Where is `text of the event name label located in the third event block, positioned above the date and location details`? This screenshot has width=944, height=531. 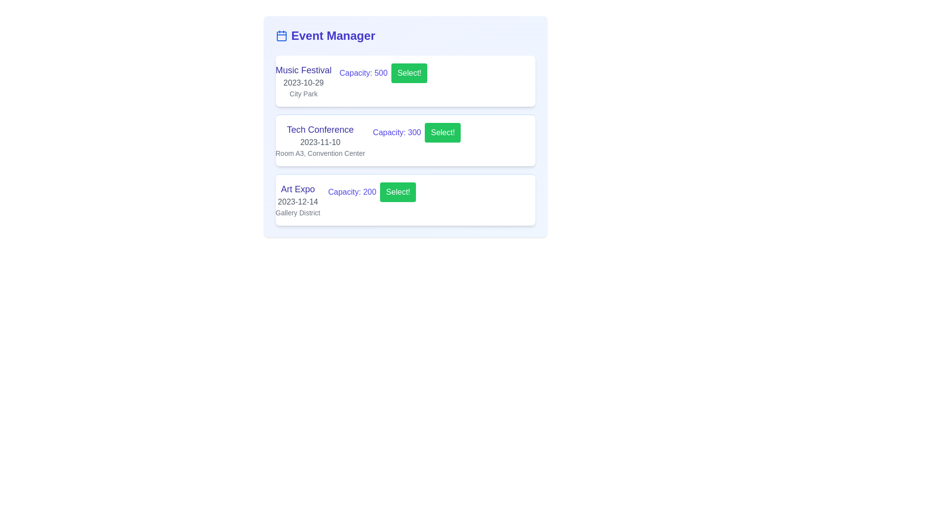 text of the event name label located in the third event block, positioned above the date and location details is located at coordinates (297, 189).